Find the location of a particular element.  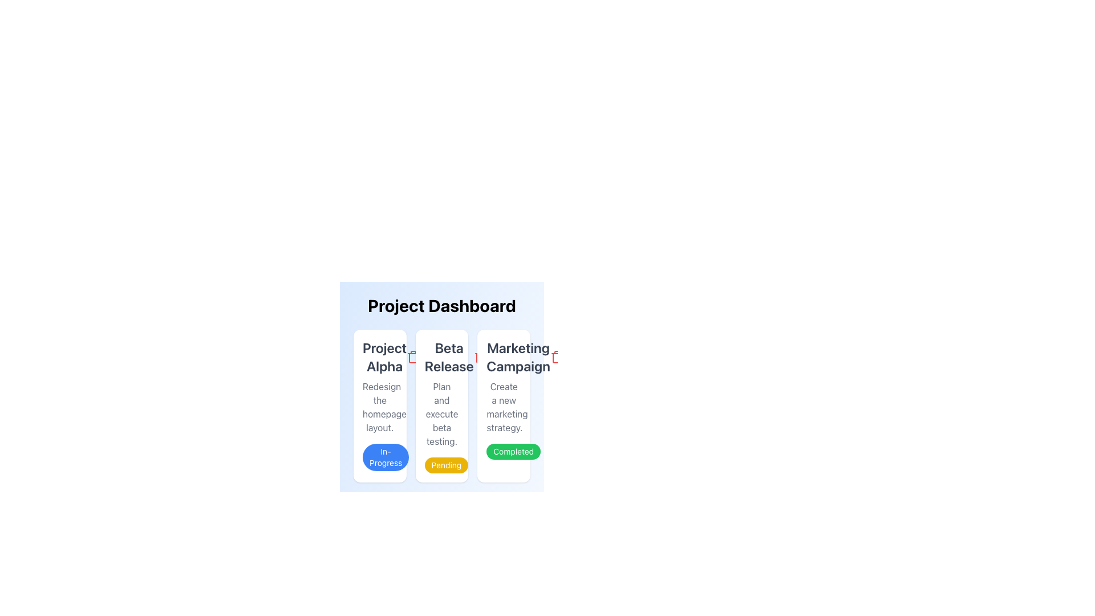

the trash can icon located at the top right corner of the 'Marketing Campaign' card, next to the label 'Completed' is located at coordinates (557, 358).